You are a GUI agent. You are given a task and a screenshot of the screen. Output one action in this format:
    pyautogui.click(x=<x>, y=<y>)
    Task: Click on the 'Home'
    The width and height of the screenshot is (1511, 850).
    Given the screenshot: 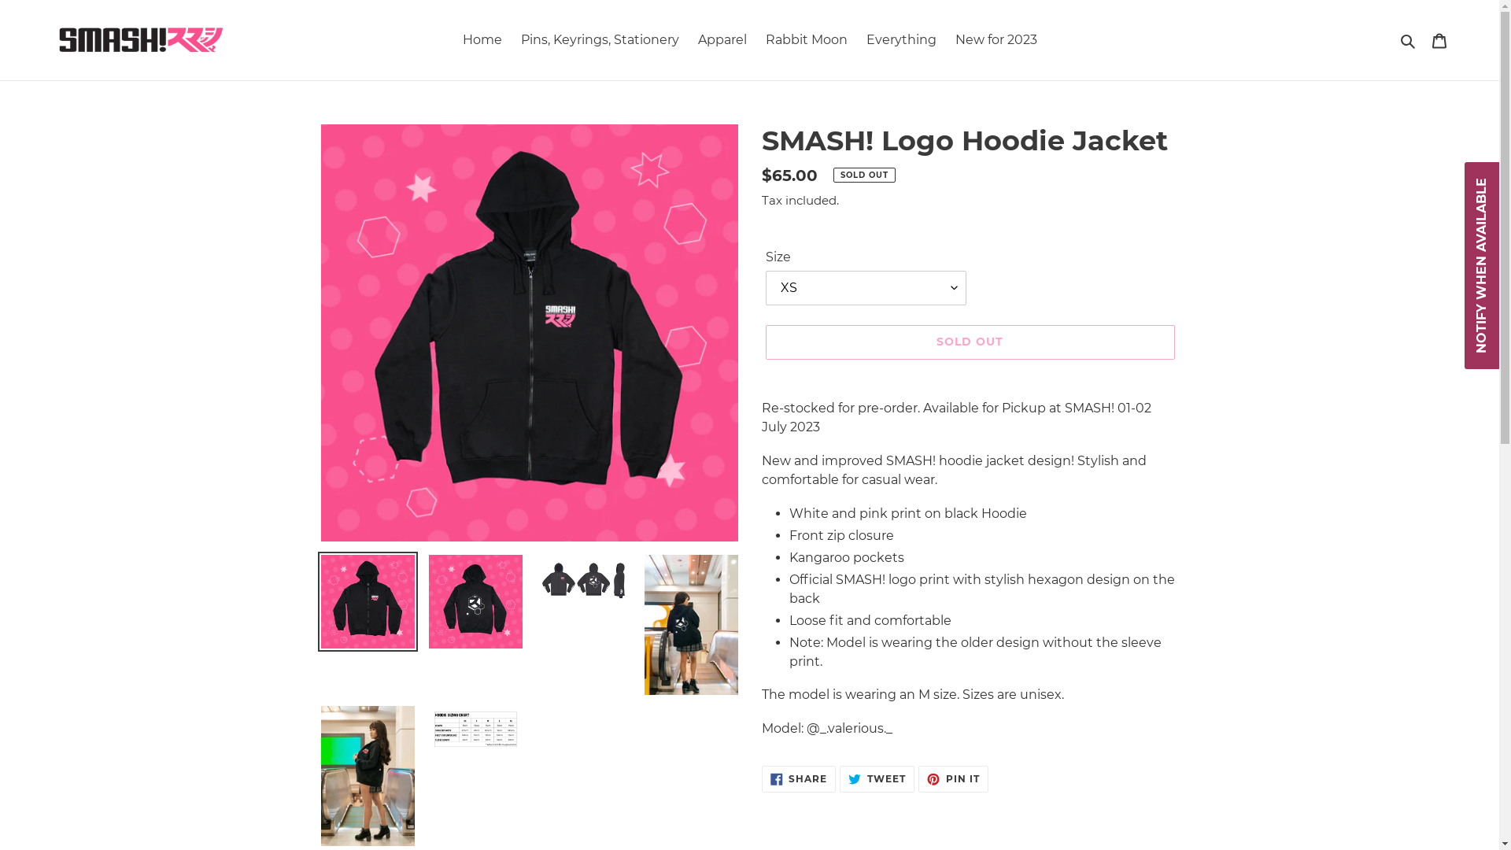 What is the action you would take?
    pyautogui.click(x=482, y=39)
    